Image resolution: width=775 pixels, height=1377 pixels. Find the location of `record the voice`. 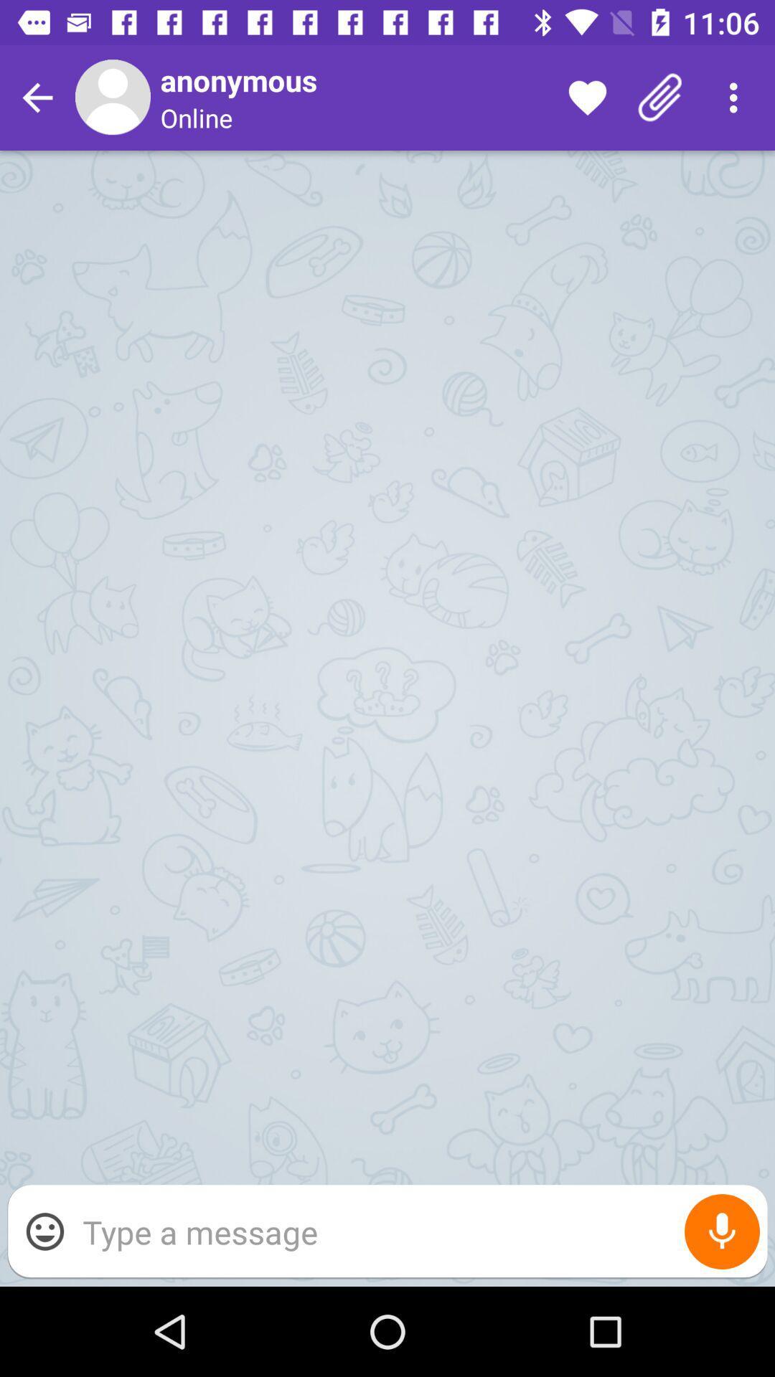

record the voice is located at coordinates (722, 1231).